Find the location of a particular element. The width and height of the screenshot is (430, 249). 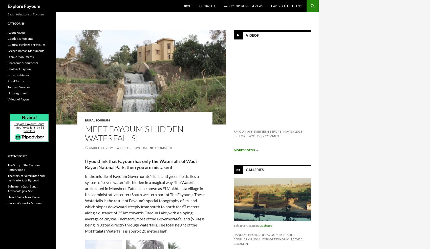

'About' is located at coordinates (183, 6).